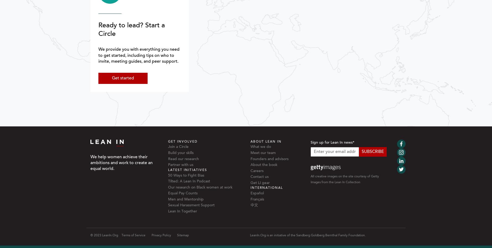  I want to click on 'Equal Pay Counts', so click(182, 193).